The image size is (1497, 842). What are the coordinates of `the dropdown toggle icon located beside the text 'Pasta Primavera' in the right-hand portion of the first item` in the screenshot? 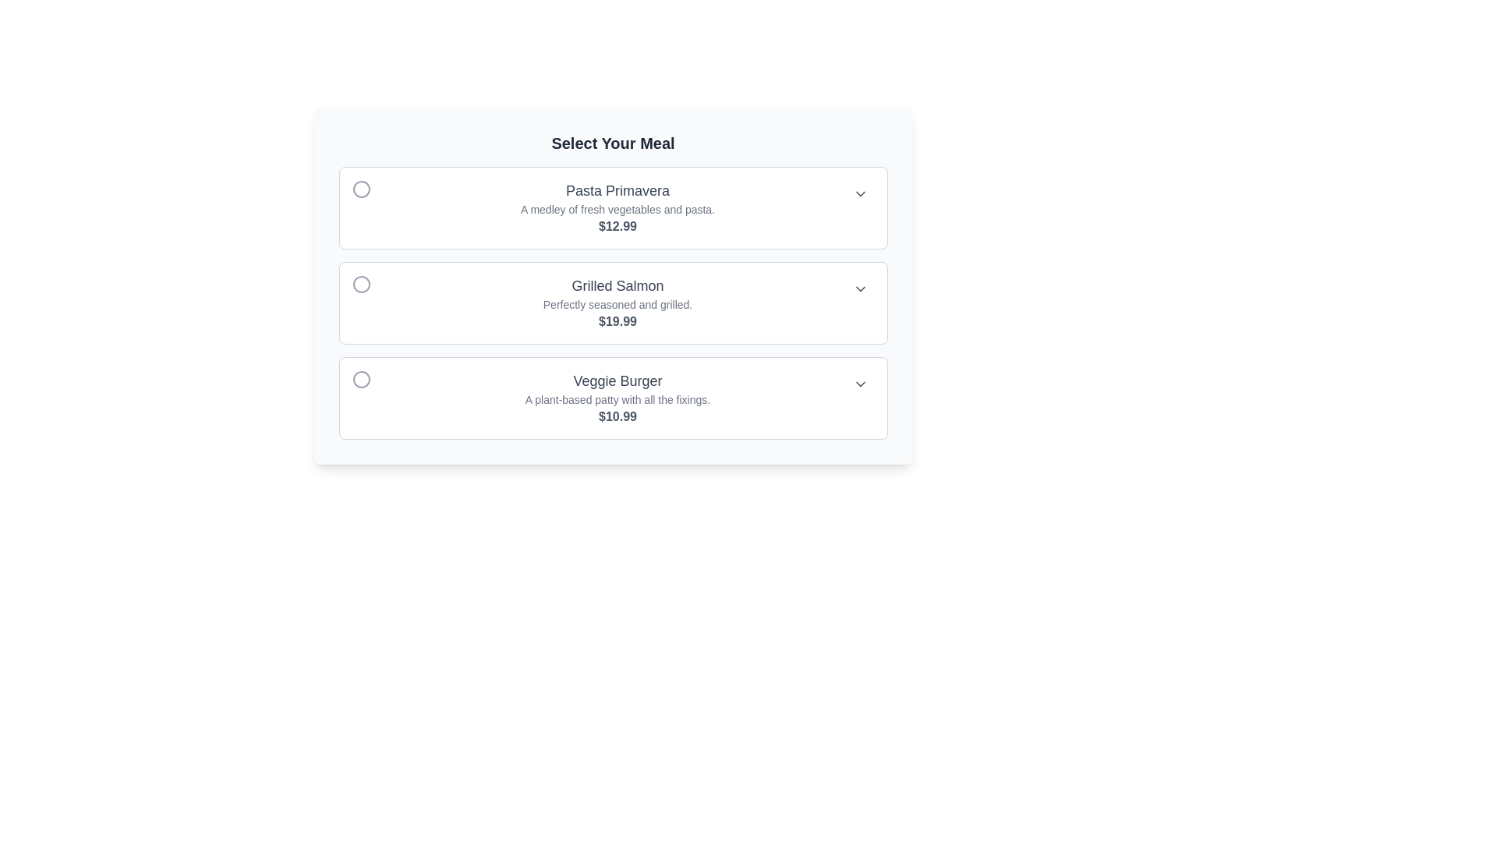 It's located at (859, 193).